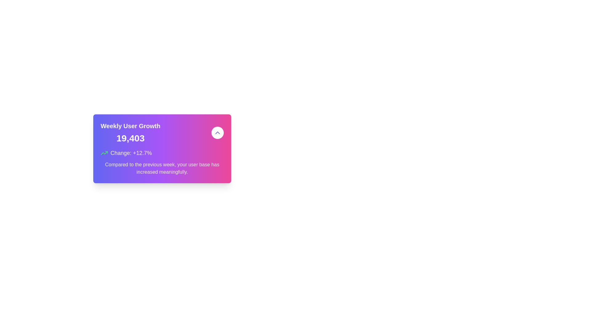 The width and height of the screenshot is (591, 332). I want to click on the 'Weekly User Growth' metric display which shows '19,403' on a gradient background with an upward chevron button adjacent to it, so click(162, 132).